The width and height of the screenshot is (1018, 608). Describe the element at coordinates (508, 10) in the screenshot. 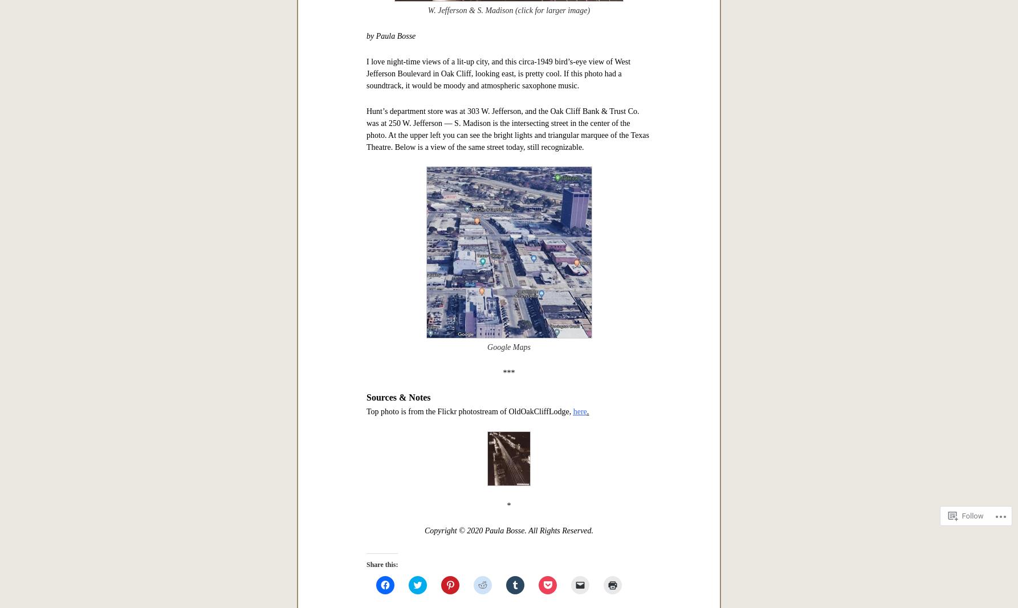

I see `'W. Jefferson & S. Madison (click for larger image)'` at that location.